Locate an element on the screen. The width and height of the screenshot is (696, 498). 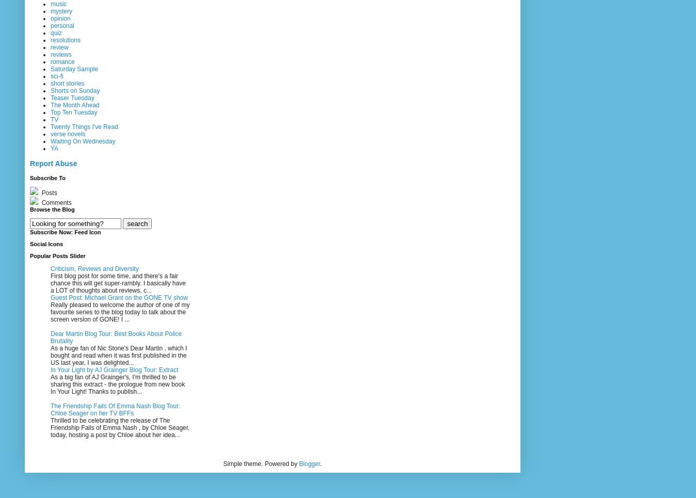
'Comments' is located at coordinates (55, 202).